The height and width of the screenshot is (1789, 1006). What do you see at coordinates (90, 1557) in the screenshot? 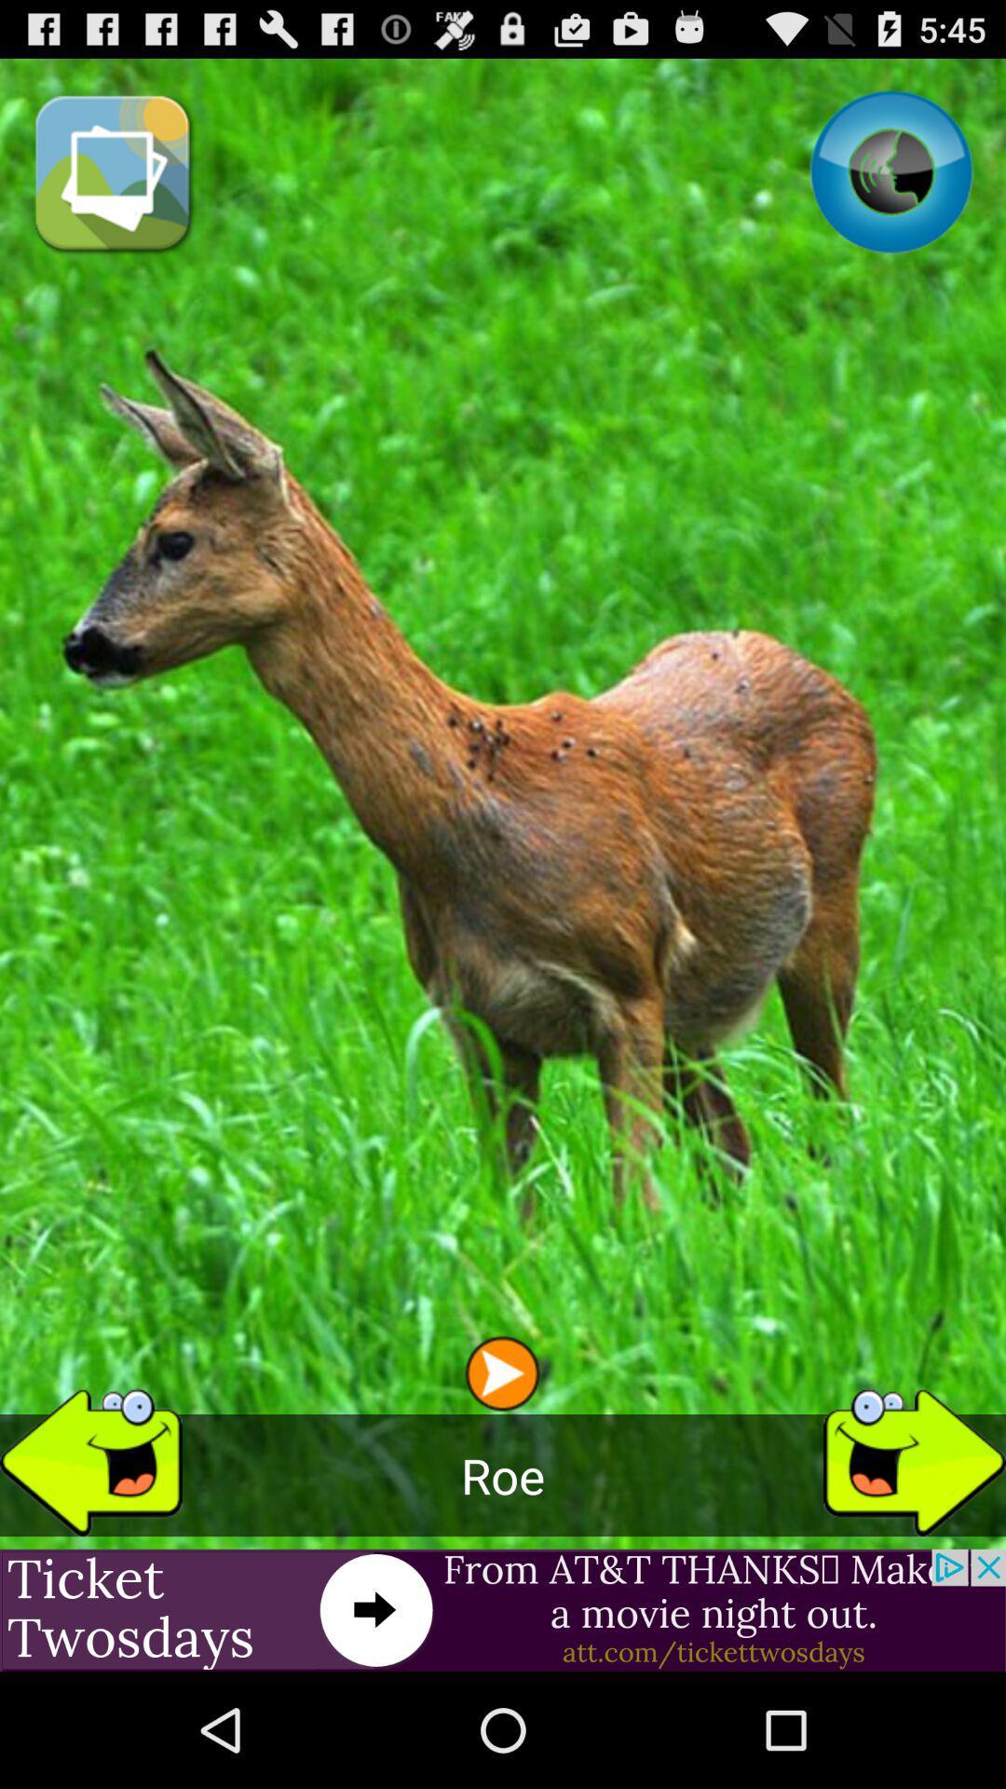
I see `the arrow_backward icon` at bounding box center [90, 1557].